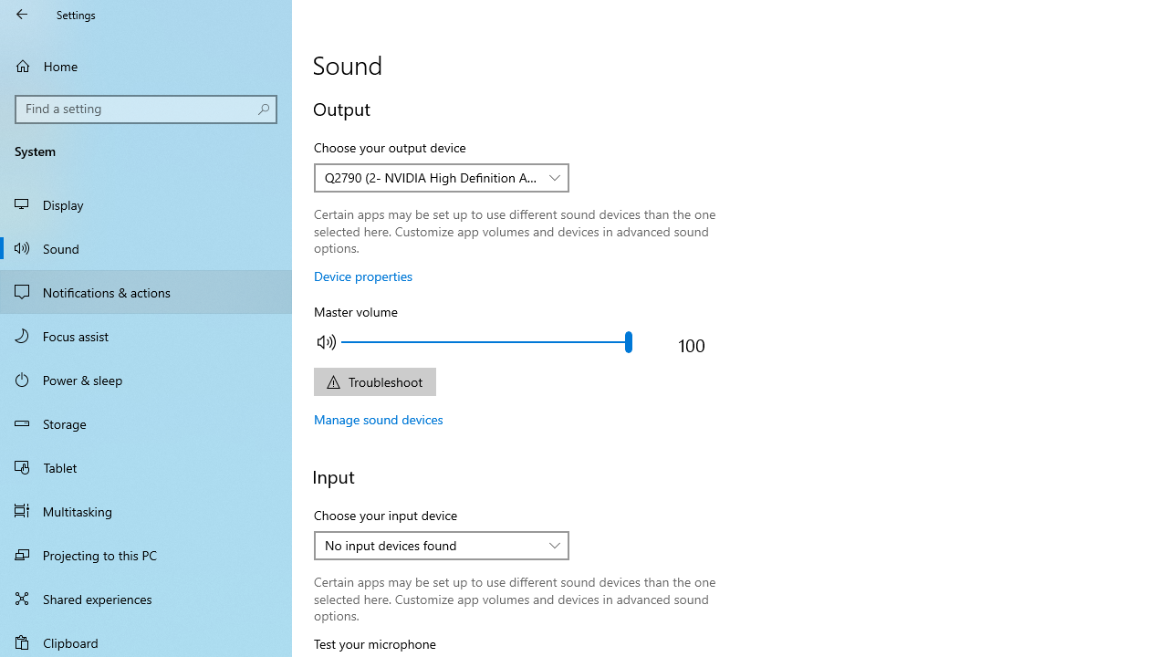 This screenshot has height=657, width=1168. Describe the element at coordinates (442, 544) in the screenshot. I see `'Choose your input device'` at that location.